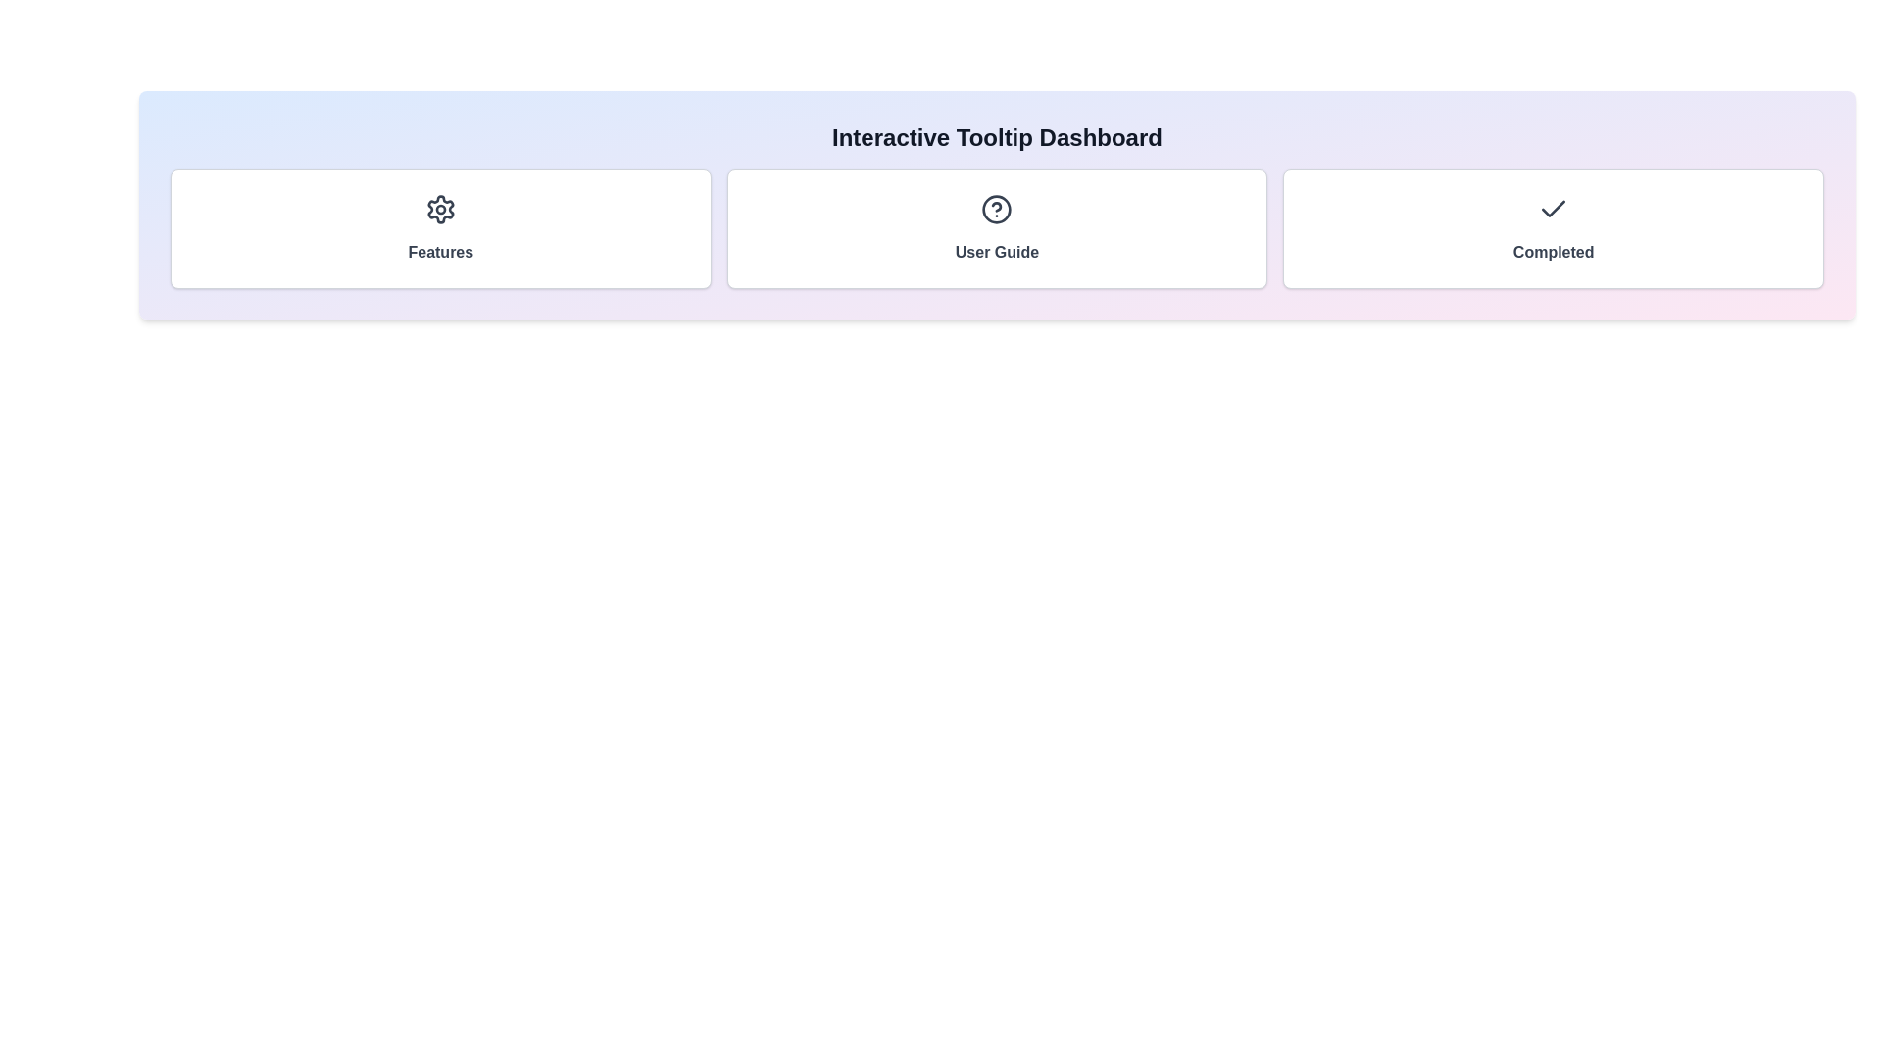 This screenshot has width=1882, height=1058. Describe the element at coordinates (997, 209) in the screenshot. I see `the circular question mark icon that is centrally located above the 'User Guide' text label` at that location.